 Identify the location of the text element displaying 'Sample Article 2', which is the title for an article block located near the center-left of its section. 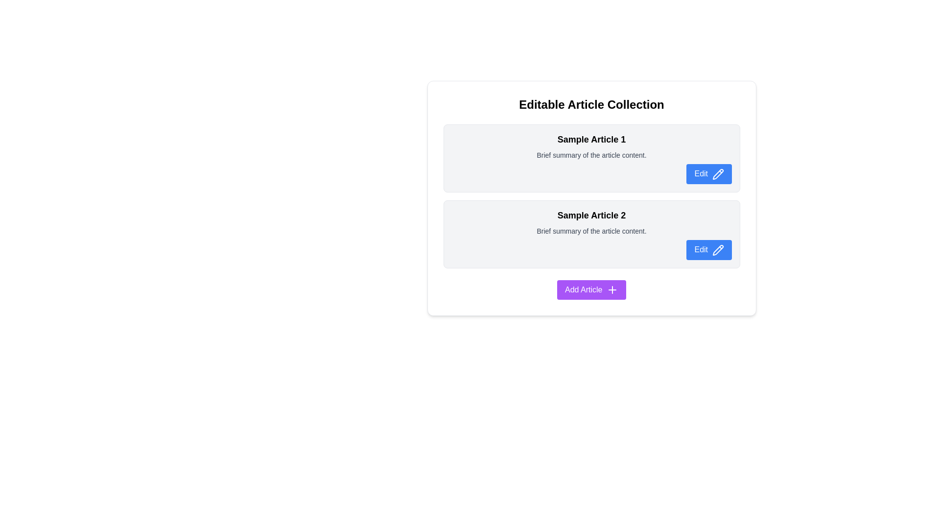
(591, 215).